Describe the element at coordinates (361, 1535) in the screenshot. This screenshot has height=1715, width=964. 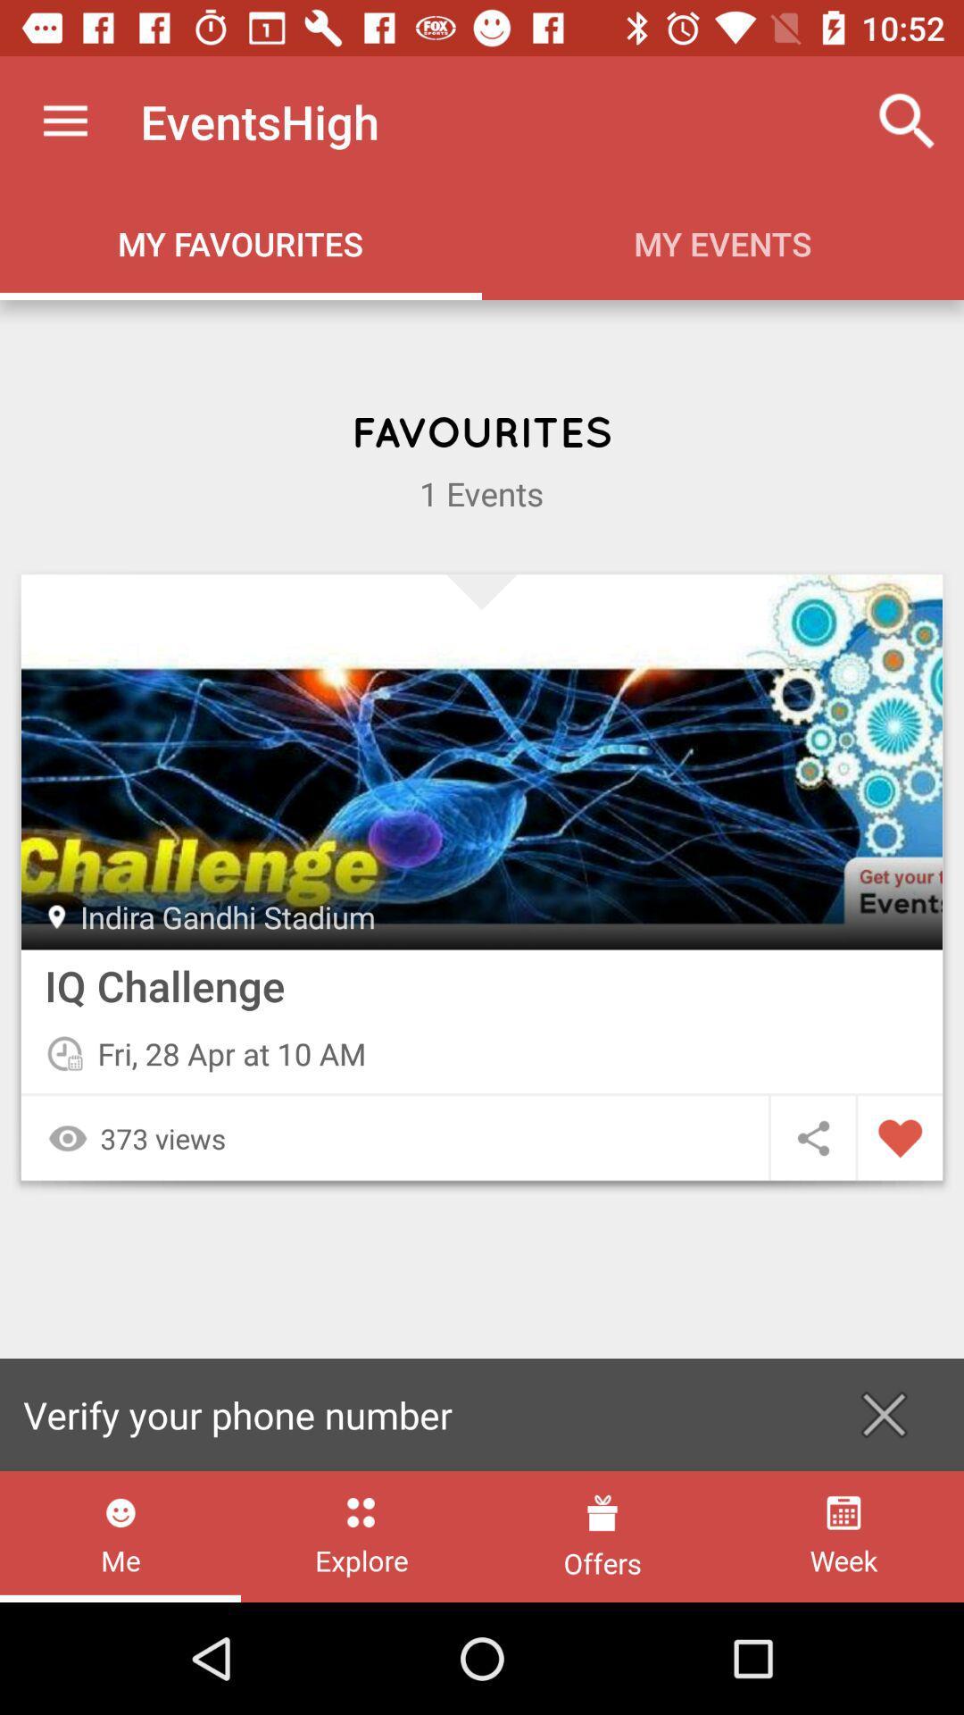
I see `the explore item` at that location.